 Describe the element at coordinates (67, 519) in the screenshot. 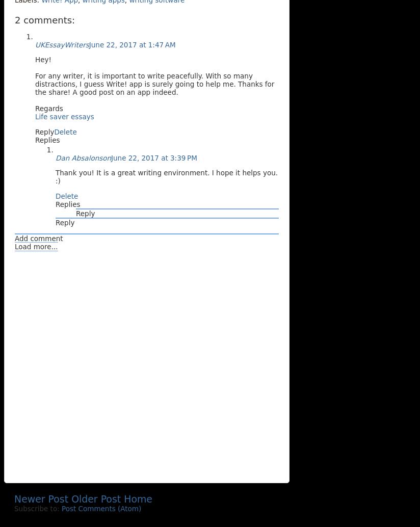

I see `'Contact Info & Subscribe'` at that location.